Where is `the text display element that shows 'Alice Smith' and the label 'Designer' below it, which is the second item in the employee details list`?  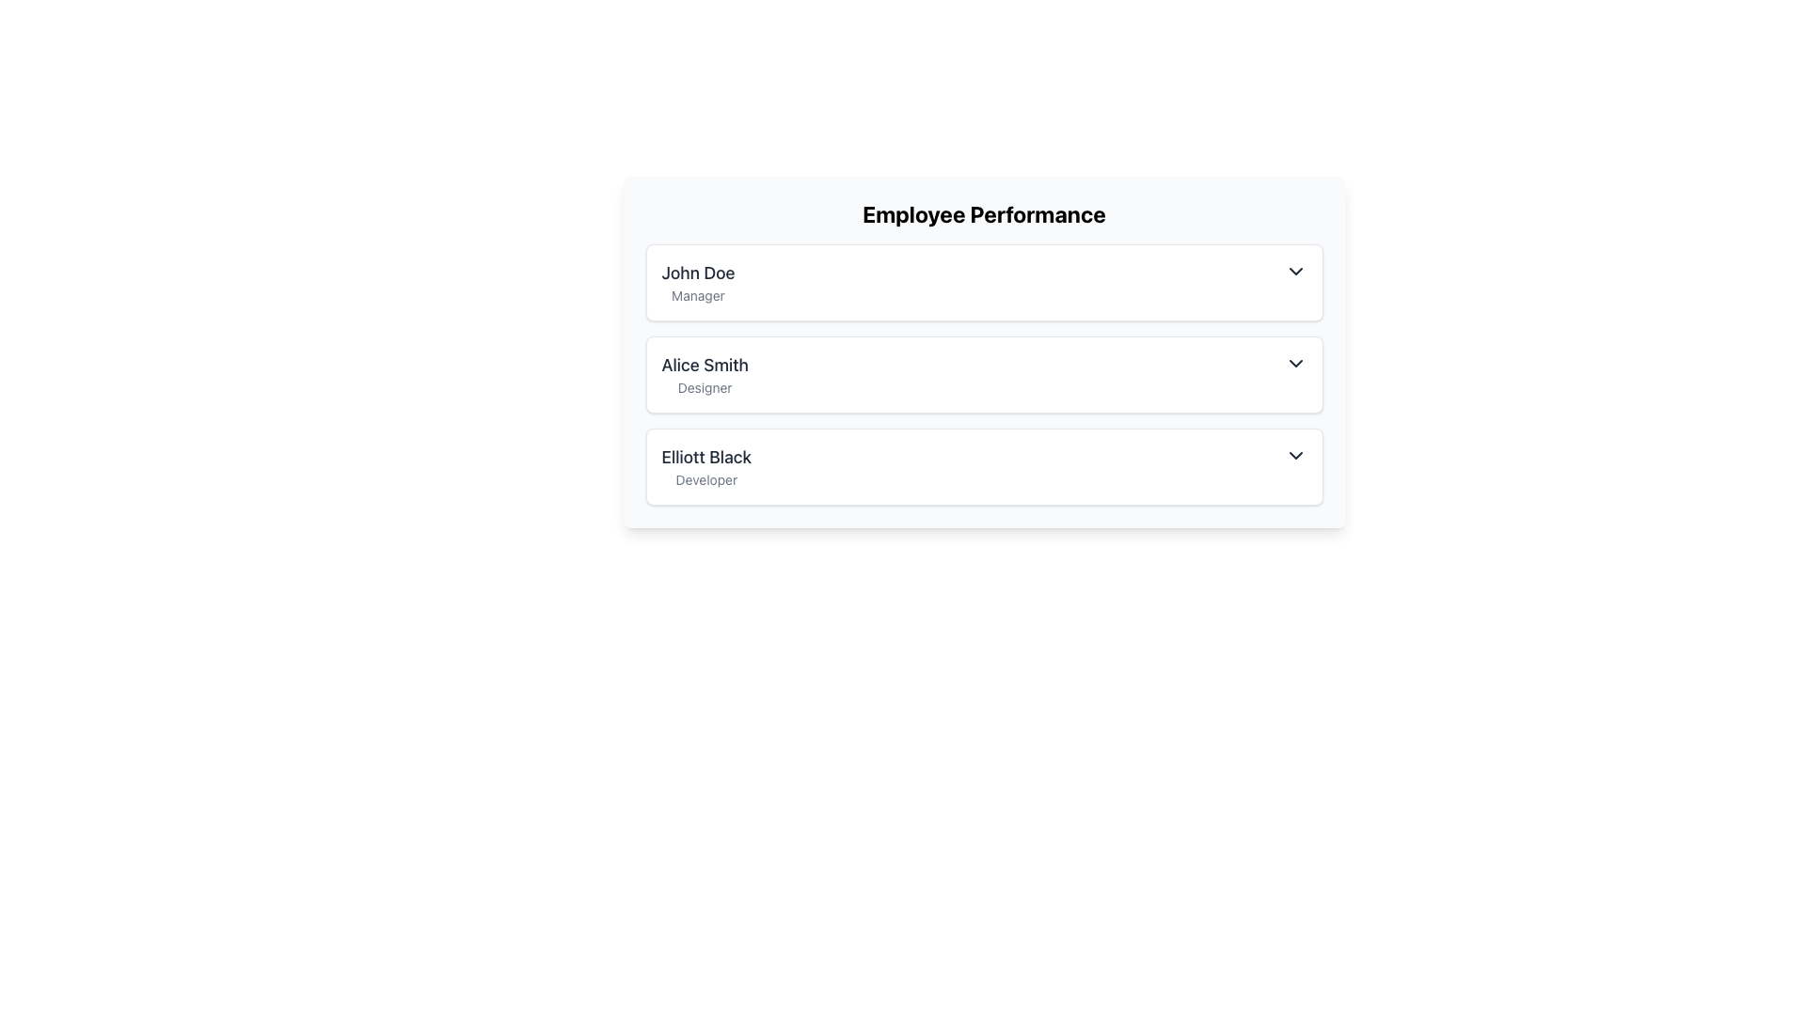
the text display element that shows 'Alice Smith' and the label 'Designer' below it, which is the second item in the employee details list is located at coordinates (704, 374).